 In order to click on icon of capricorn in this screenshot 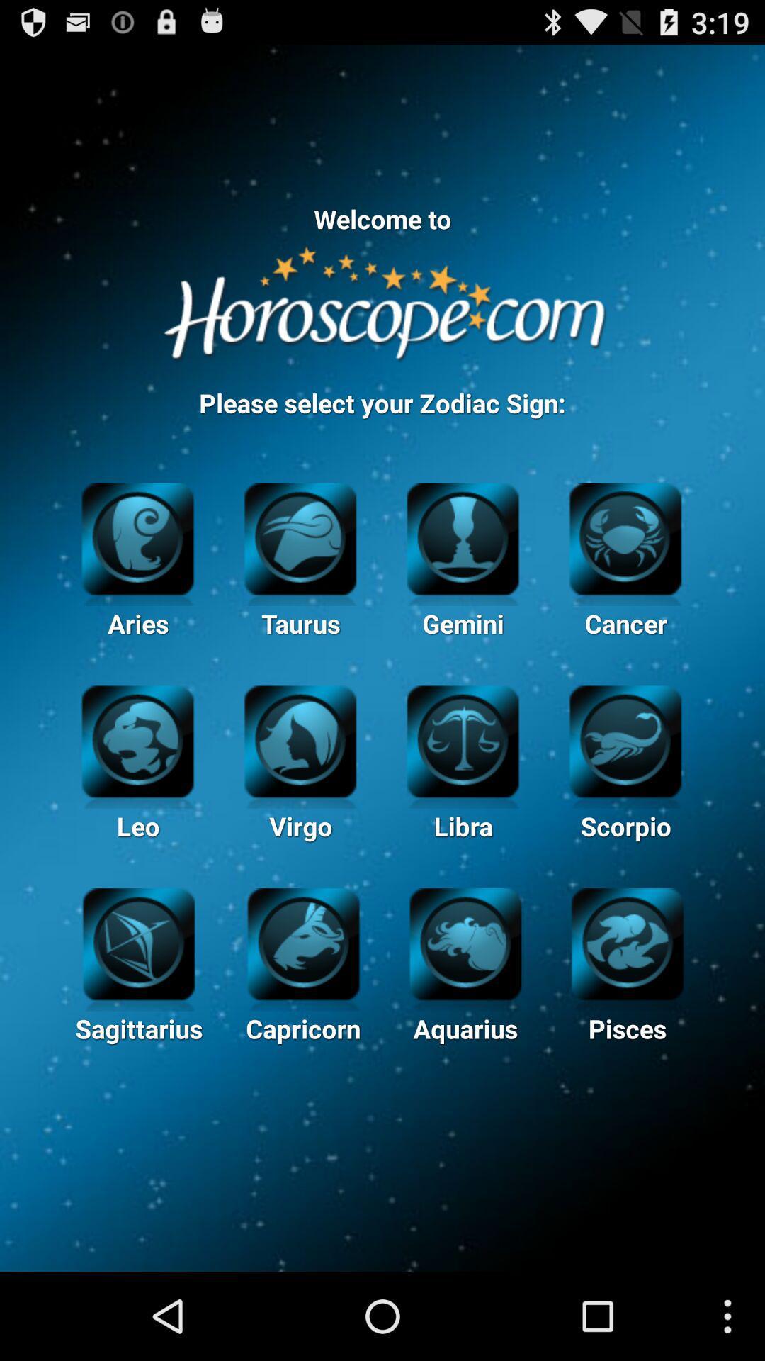, I will do `click(302, 942)`.